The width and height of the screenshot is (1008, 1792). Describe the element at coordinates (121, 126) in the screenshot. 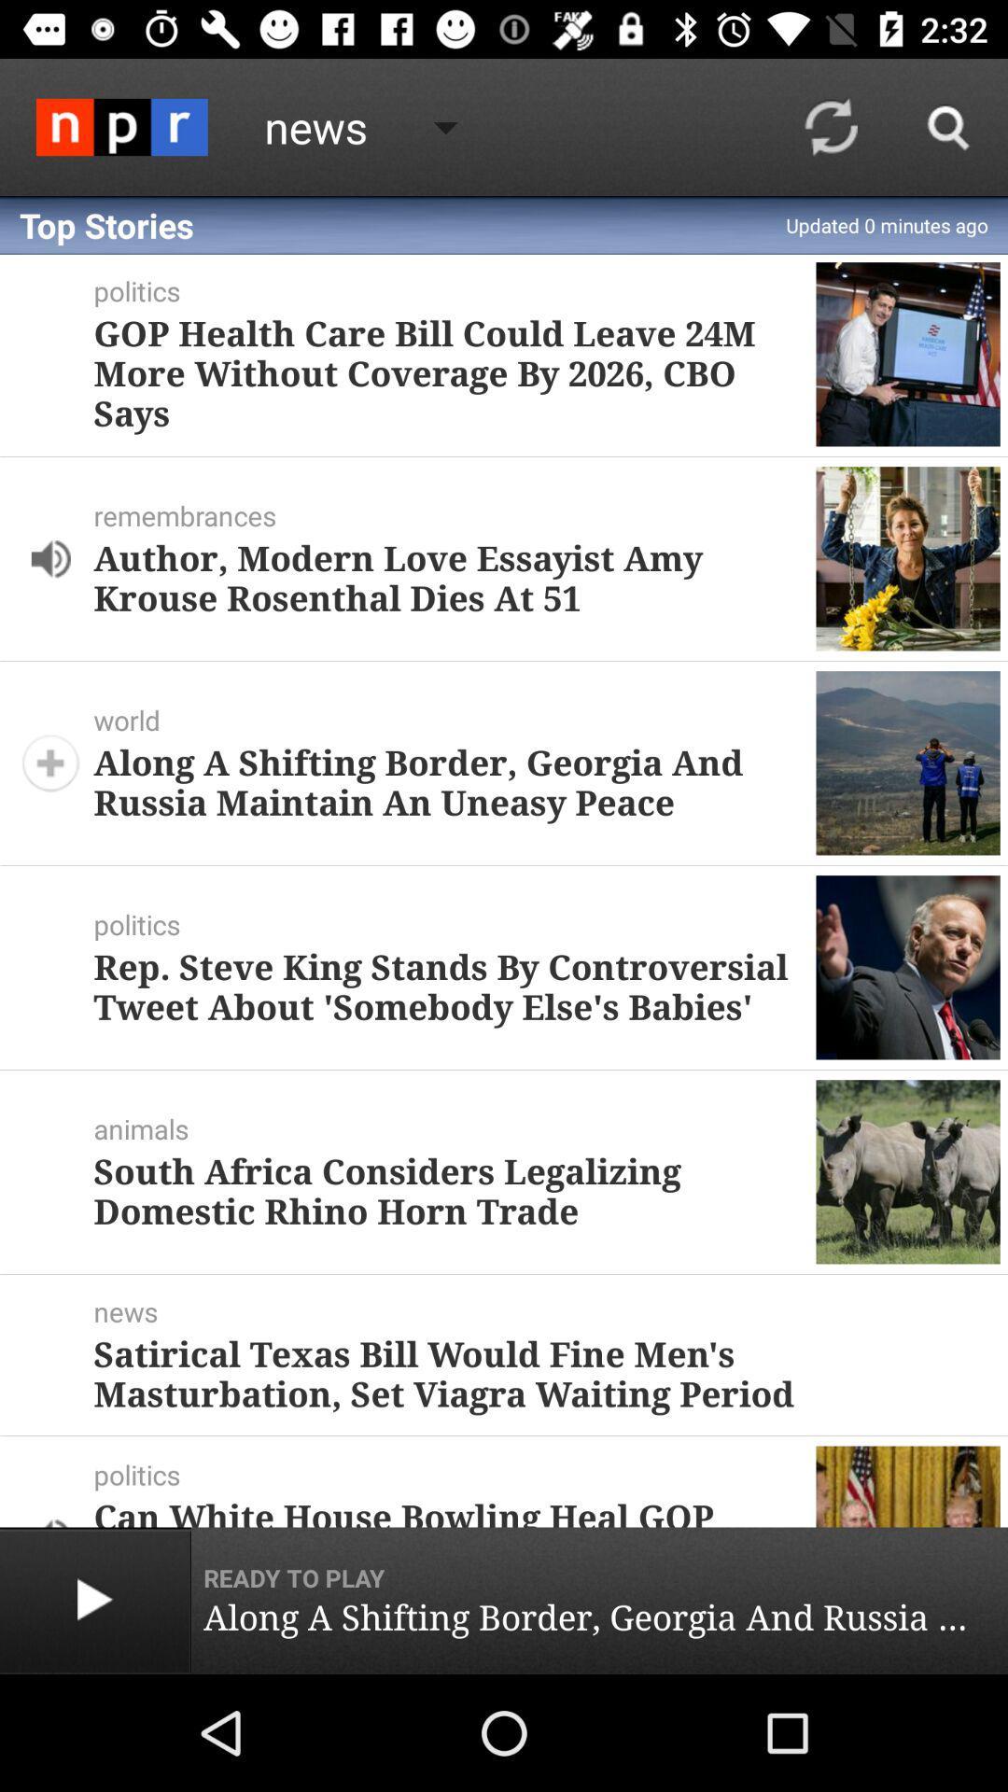

I see `the item to the left of the news icon` at that location.